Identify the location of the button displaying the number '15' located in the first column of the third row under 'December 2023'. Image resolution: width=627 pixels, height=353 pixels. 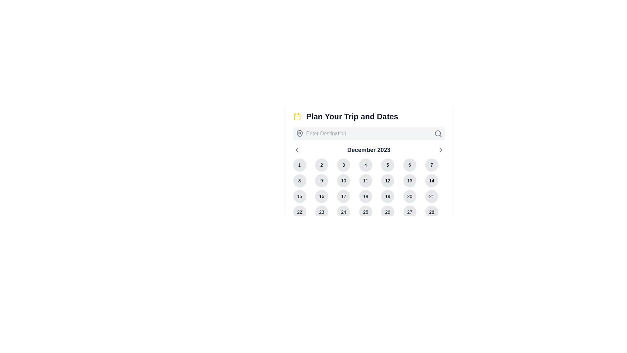
(299, 196).